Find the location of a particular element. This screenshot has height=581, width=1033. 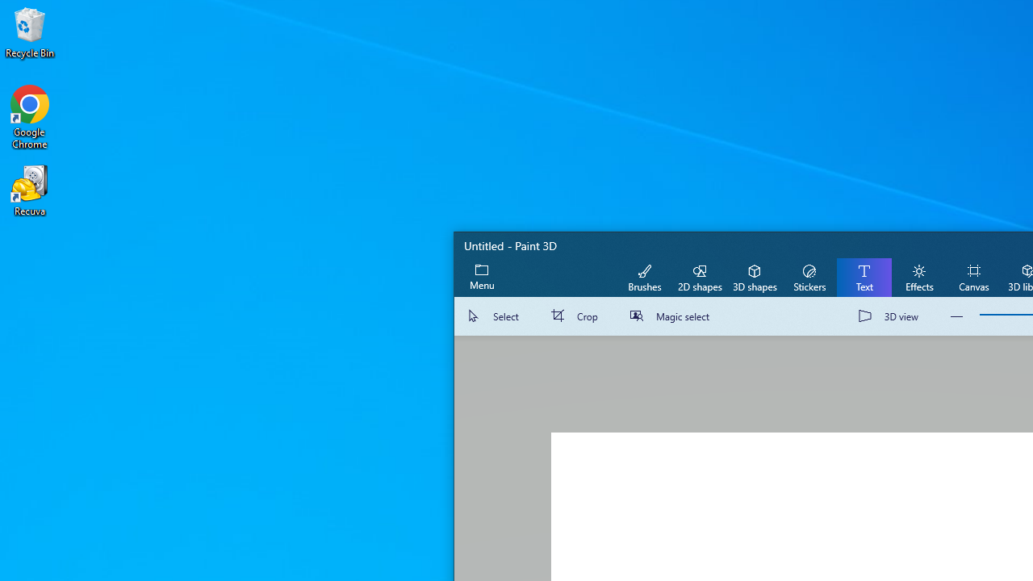

'Select' is located at coordinates (496, 316).